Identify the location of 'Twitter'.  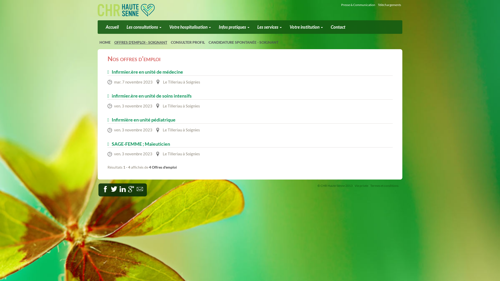
(119, 188).